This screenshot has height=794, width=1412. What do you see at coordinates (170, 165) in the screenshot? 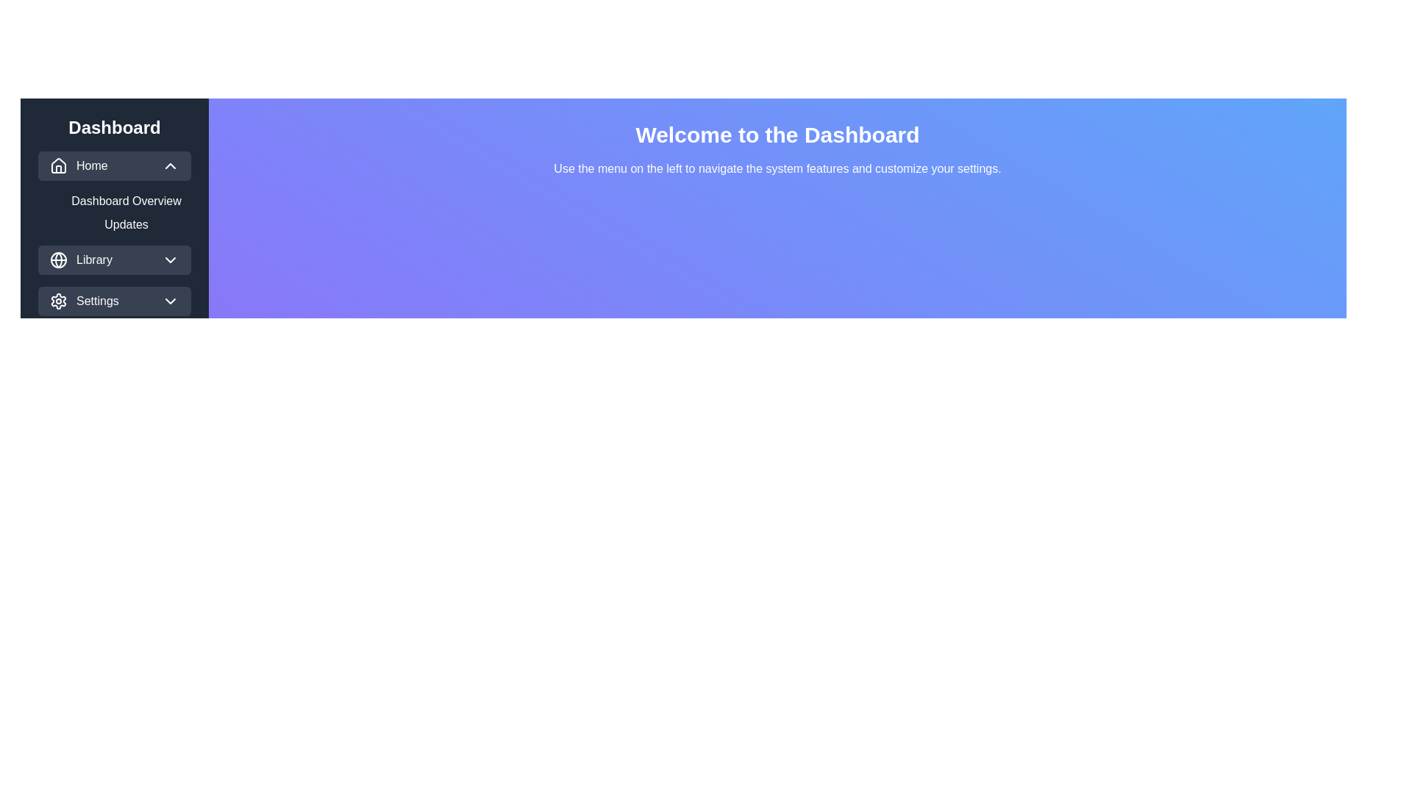
I see `the icon button at the far right of the row containing the 'Home' label and icon in the sidebar navigation menu` at bounding box center [170, 165].